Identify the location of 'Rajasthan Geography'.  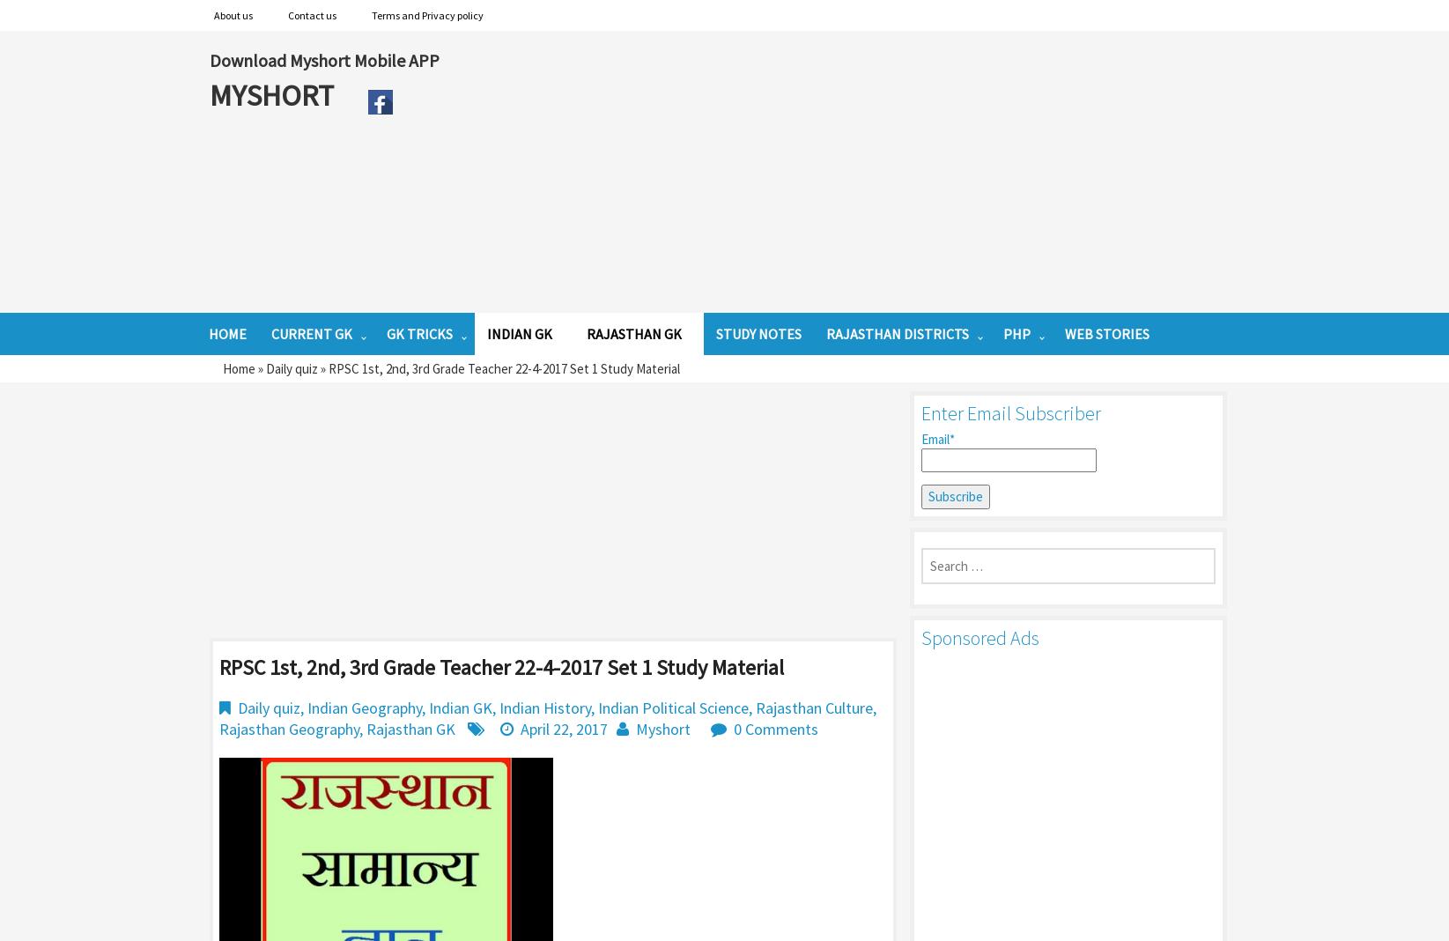
(288, 727).